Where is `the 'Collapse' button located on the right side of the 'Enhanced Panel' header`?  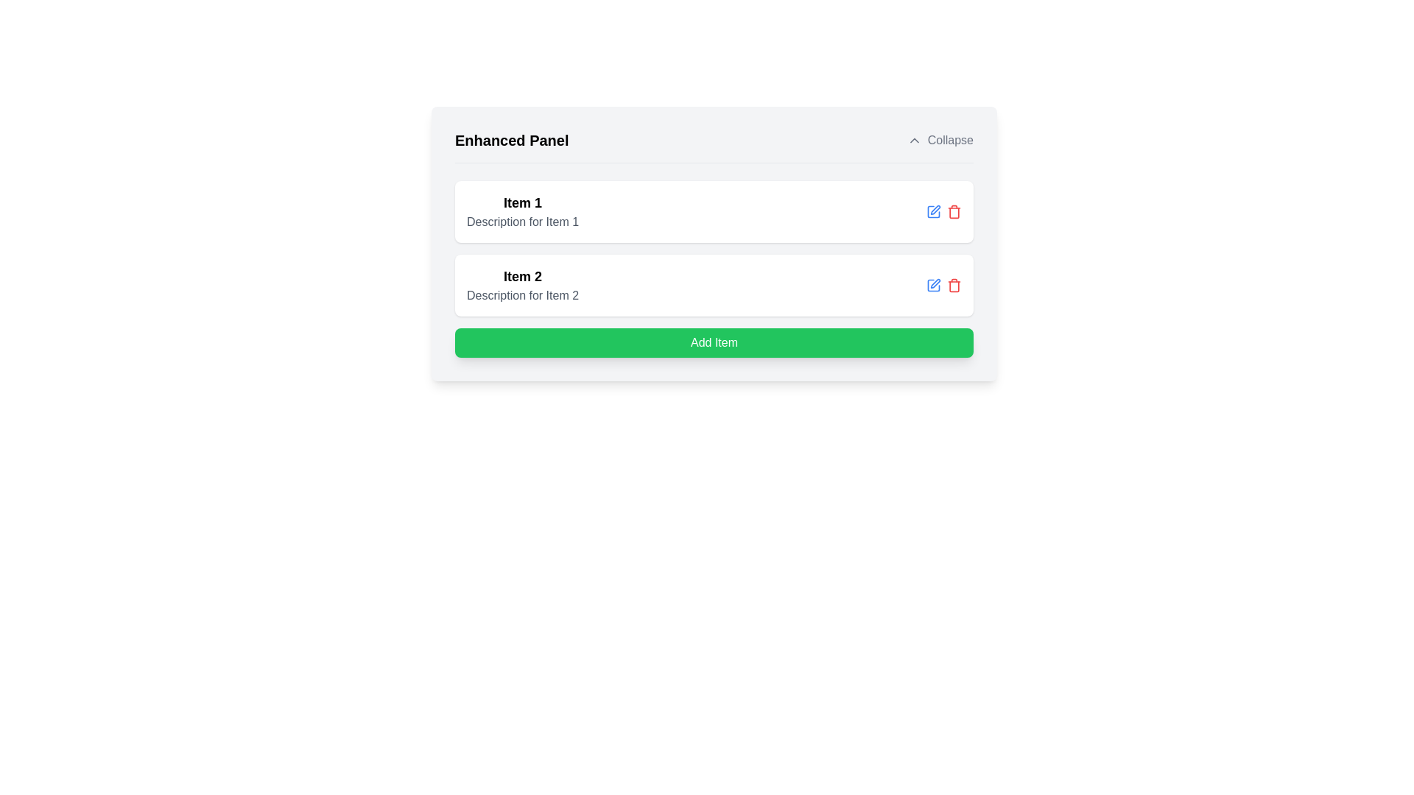 the 'Collapse' button located on the right side of the 'Enhanced Panel' header is located at coordinates (939, 141).